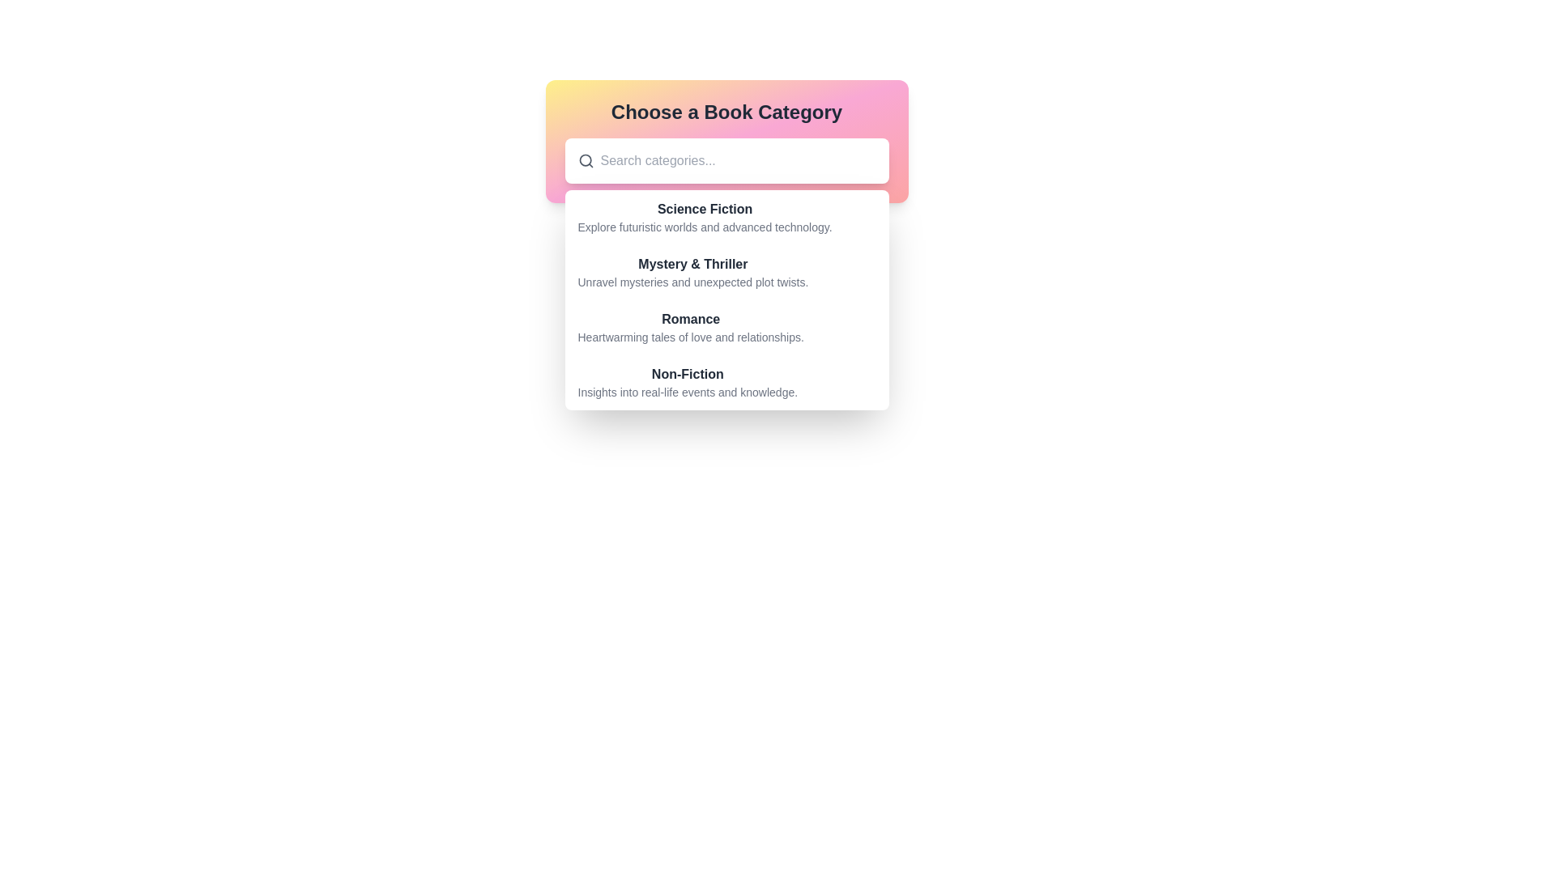 This screenshot has width=1555, height=874. Describe the element at coordinates (726, 383) in the screenshot. I see `the 'Non-Fiction' category item in the dropdown menu, which is the fourth item in a vertical list of categories` at that location.